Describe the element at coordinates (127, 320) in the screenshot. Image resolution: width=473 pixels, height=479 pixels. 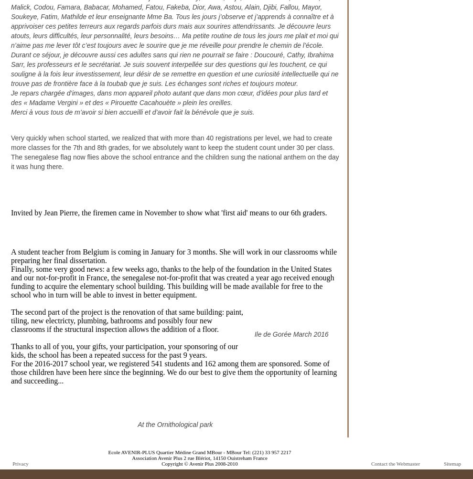
I see `'The second part of the project is the renovation of that same building: paint, tiling, new electricty, plumbing, bathrooms and possibly four new classrooms if the structural inspection allows the addition of a floor.'` at that location.